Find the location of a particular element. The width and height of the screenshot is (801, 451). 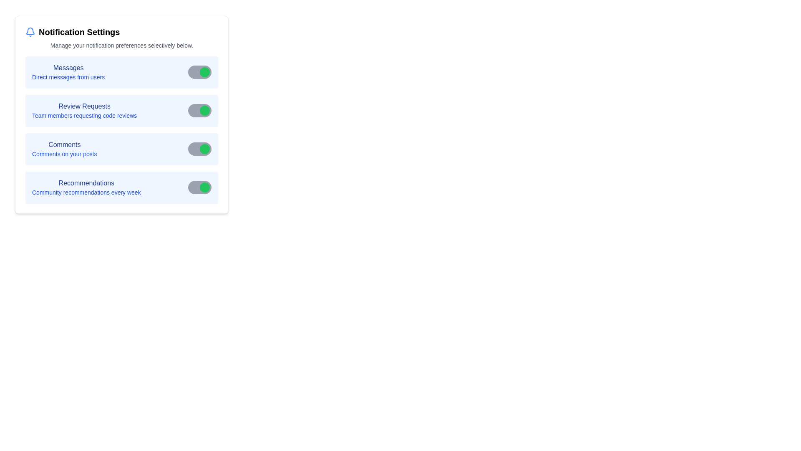

the static text element that serves as the title for the 'Recommendations' section in the 'Notification Settings' panel is located at coordinates (86, 183).